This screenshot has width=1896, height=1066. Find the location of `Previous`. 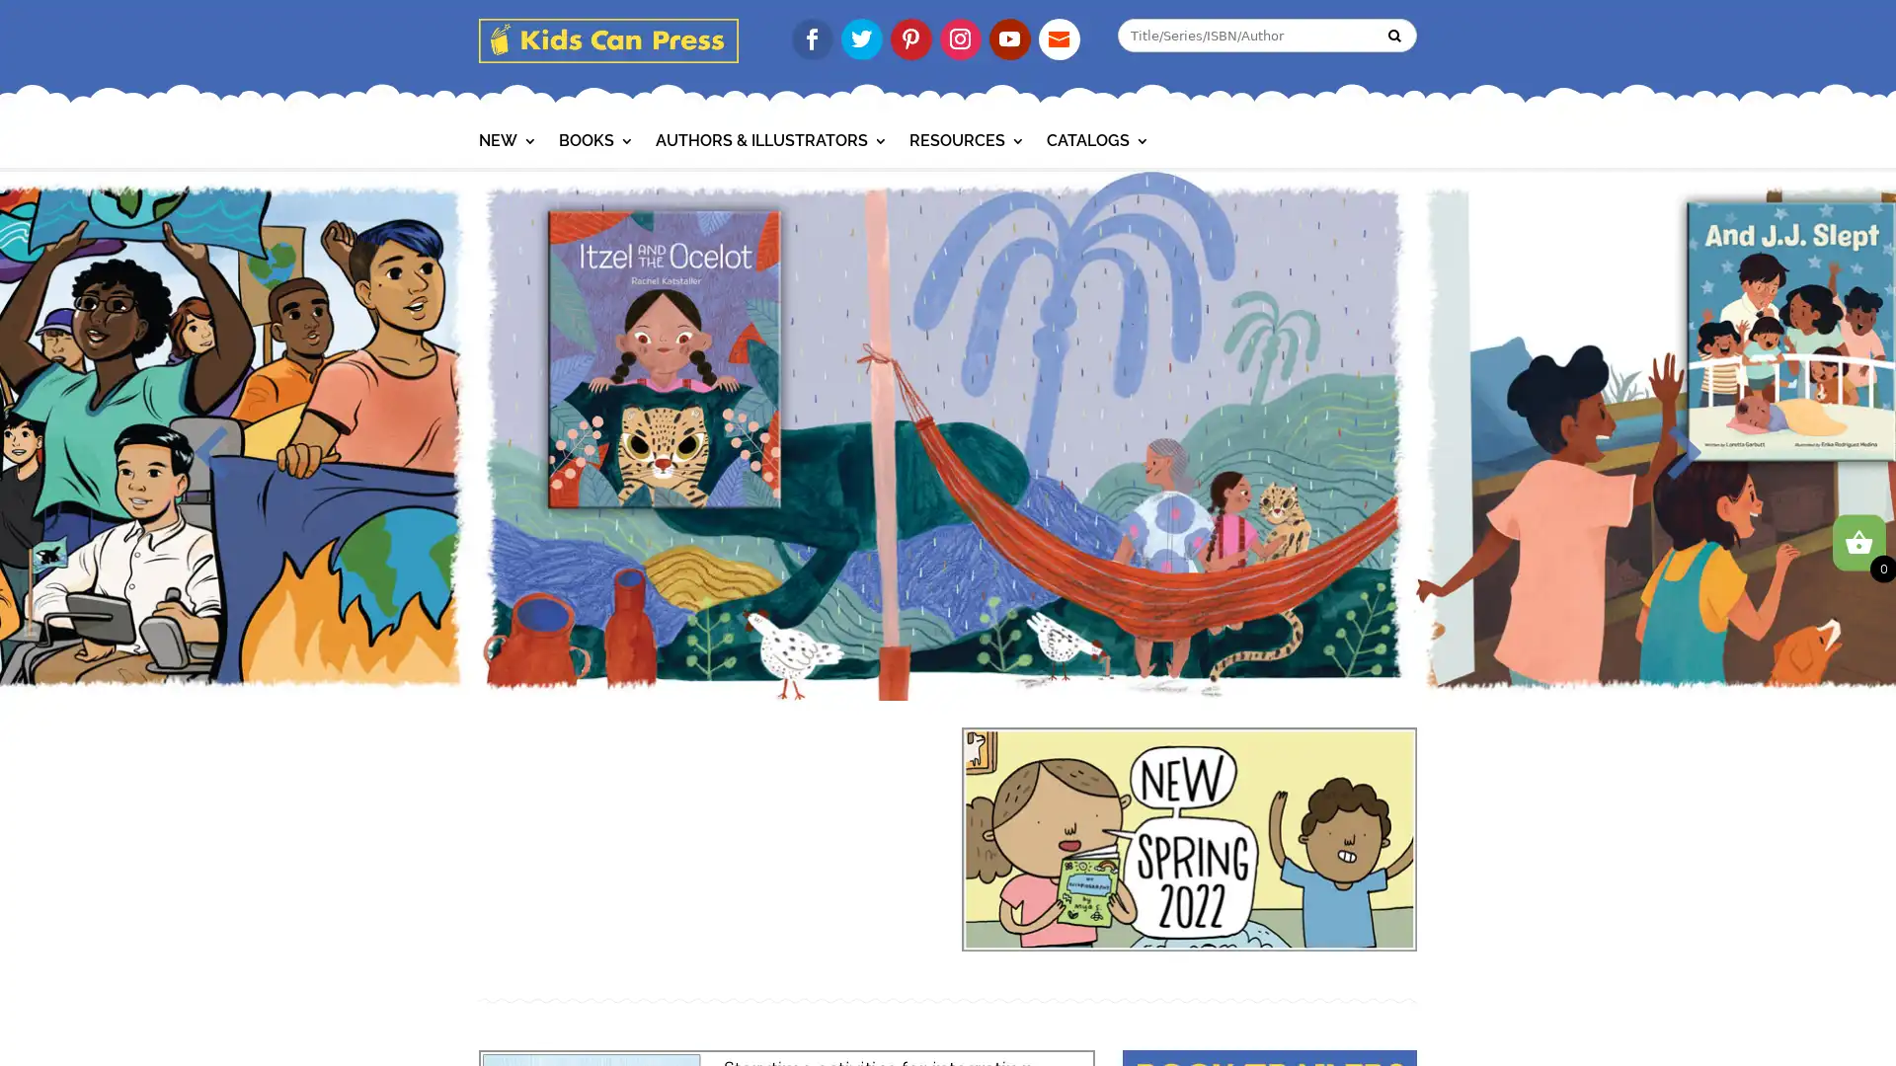

Previous is located at coordinates (203, 437).